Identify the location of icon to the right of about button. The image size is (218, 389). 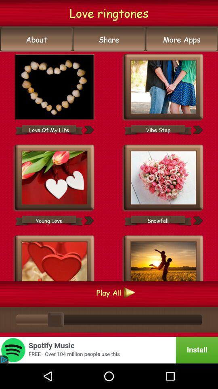
(109, 39).